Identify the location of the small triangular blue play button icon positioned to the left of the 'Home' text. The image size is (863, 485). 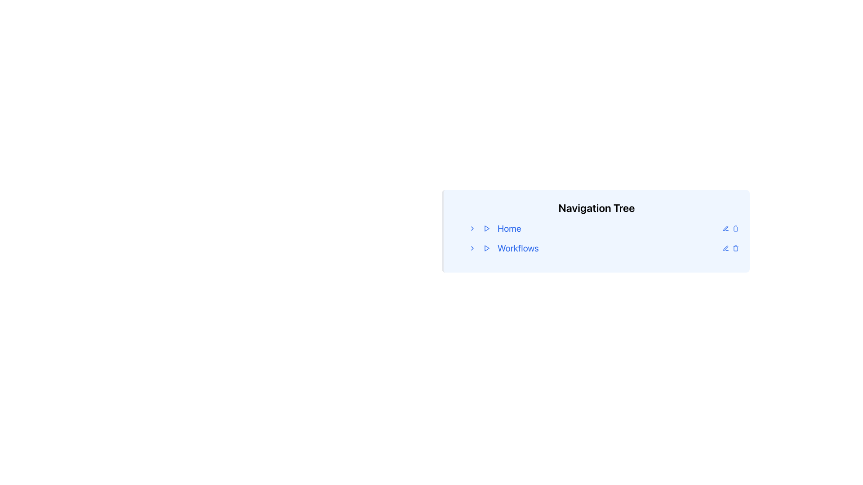
(486, 228).